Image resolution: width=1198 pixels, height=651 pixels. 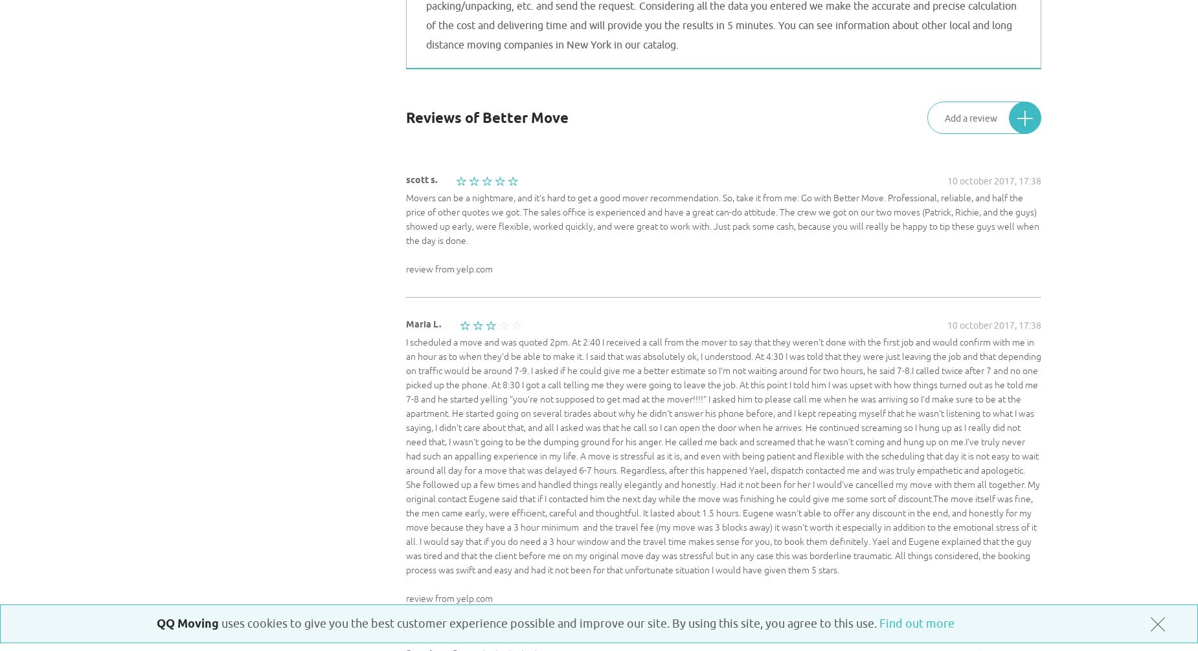 I want to click on 'QQ Moving', so click(x=187, y=623).